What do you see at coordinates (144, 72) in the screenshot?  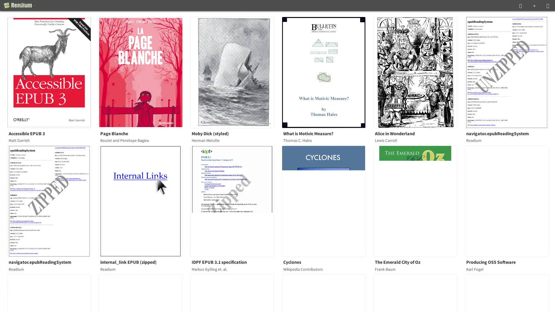 I see `(2) Page Blanche` at bounding box center [144, 72].